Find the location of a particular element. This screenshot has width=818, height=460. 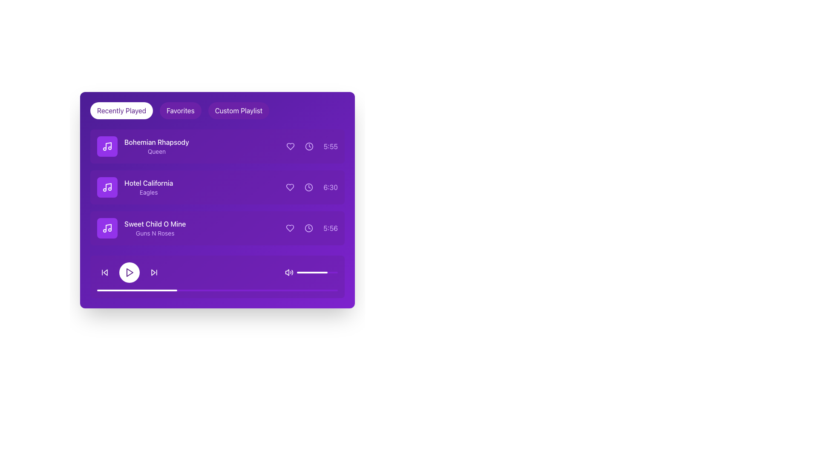

the text label displaying the duration '5:55' in purple font, which is positioned to the right of the clock icon in the playlist UI for the song 'Bohemian Rhapsody' is located at coordinates (330, 146).